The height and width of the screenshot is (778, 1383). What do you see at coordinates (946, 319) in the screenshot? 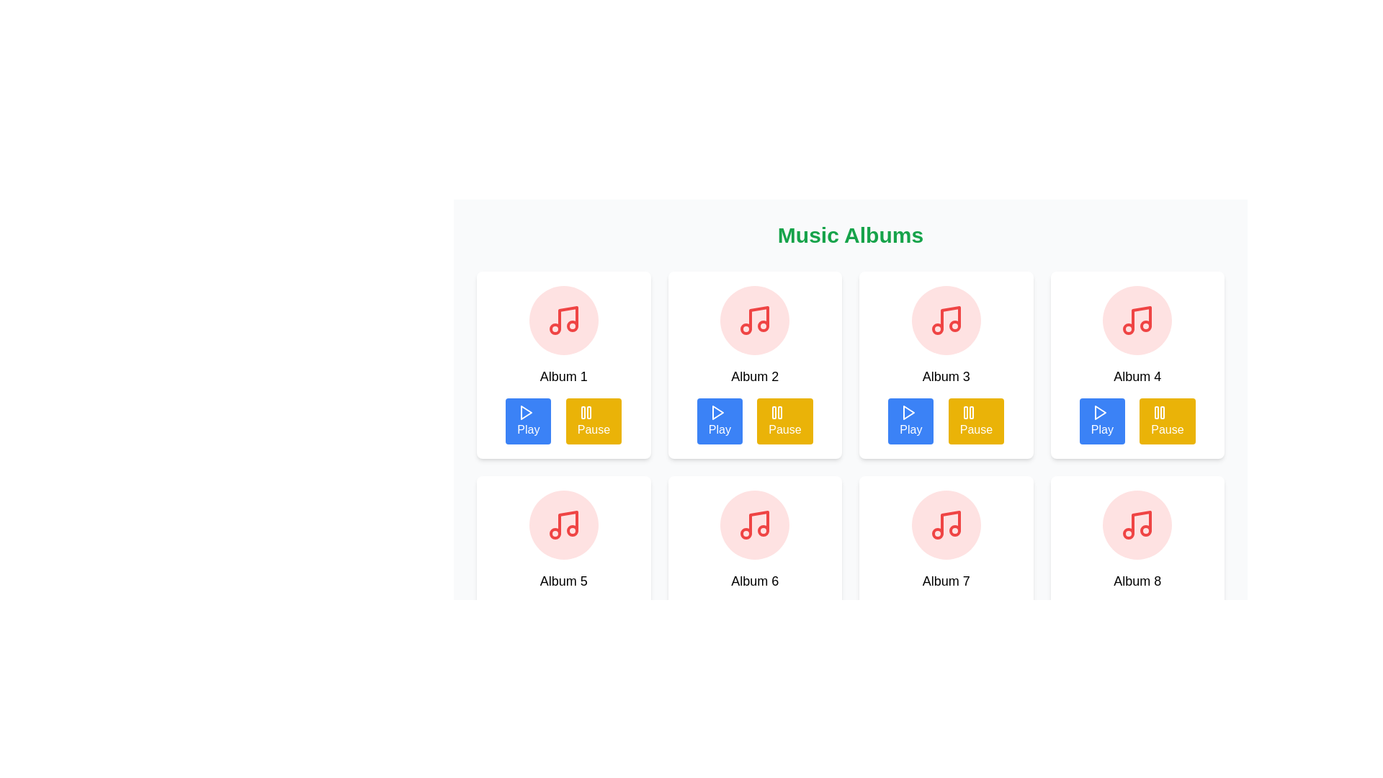
I see `the music album icon located in the card for 'Album 3', which is aligned with the 'Play' and 'Pause' buttons below` at bounding box center [946, 319].